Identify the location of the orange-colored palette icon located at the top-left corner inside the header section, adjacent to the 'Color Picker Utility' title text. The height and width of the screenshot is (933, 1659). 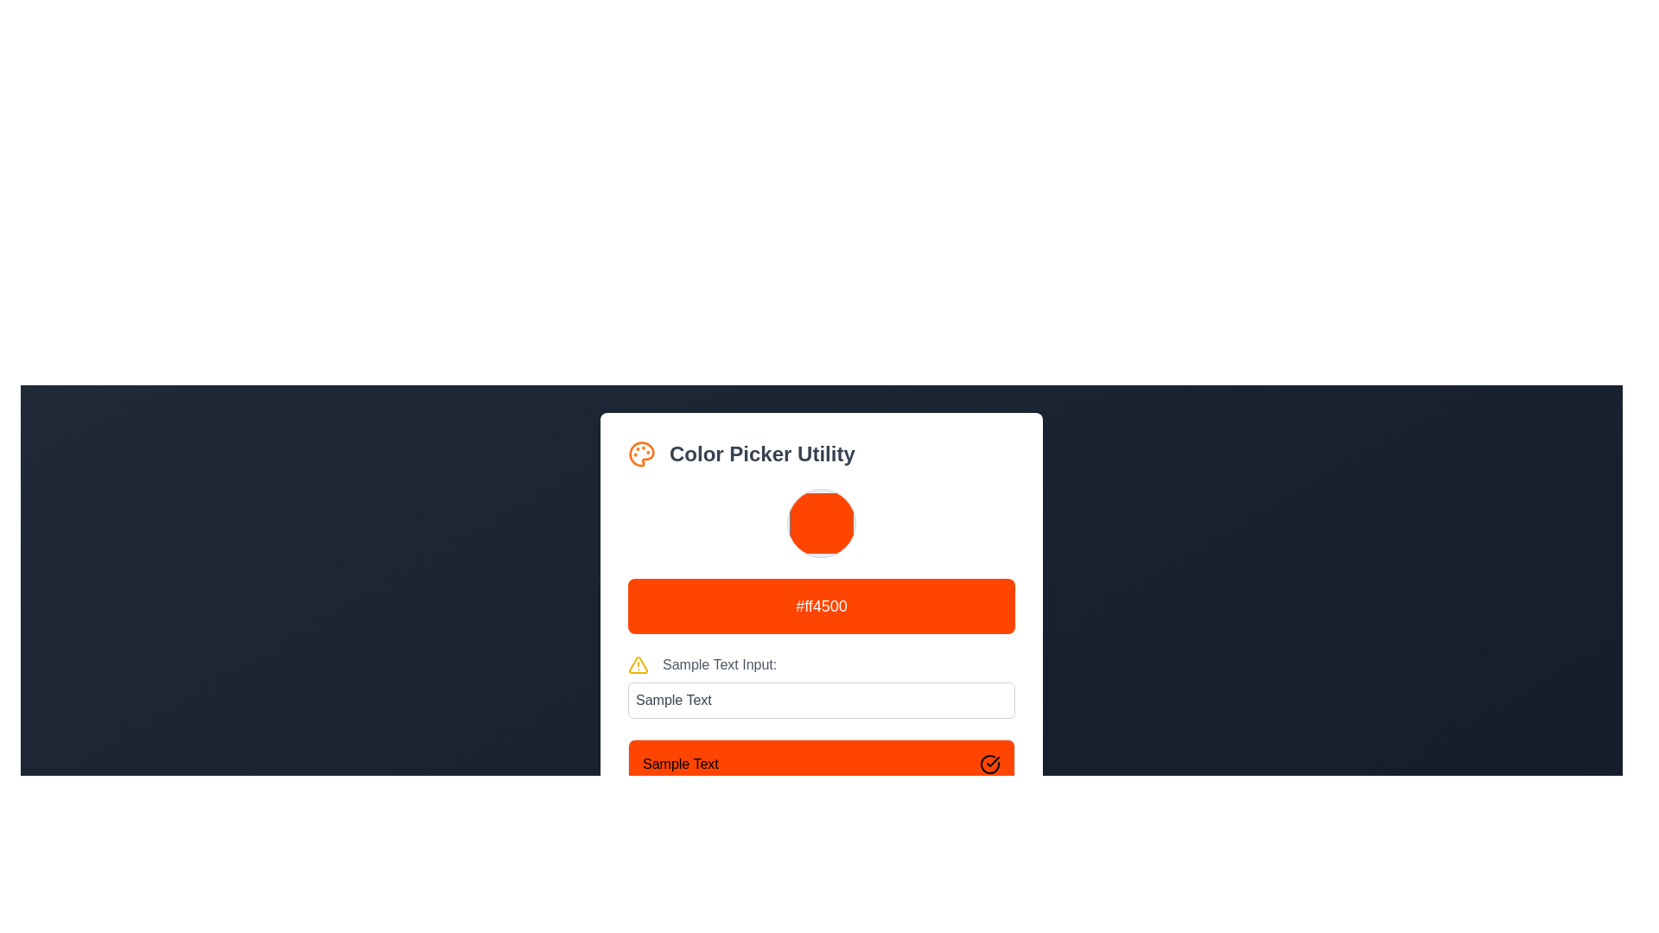
(641, 453).